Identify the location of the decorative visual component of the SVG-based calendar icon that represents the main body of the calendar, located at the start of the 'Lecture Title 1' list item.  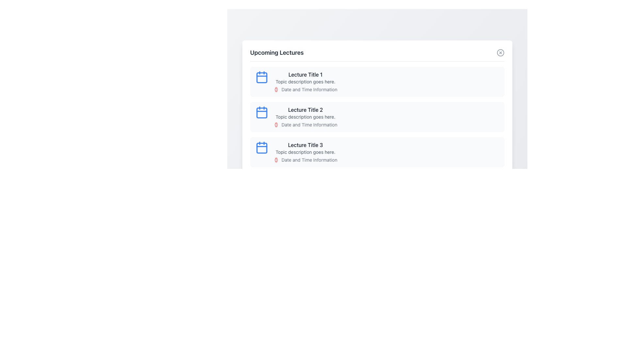
(262, 77).